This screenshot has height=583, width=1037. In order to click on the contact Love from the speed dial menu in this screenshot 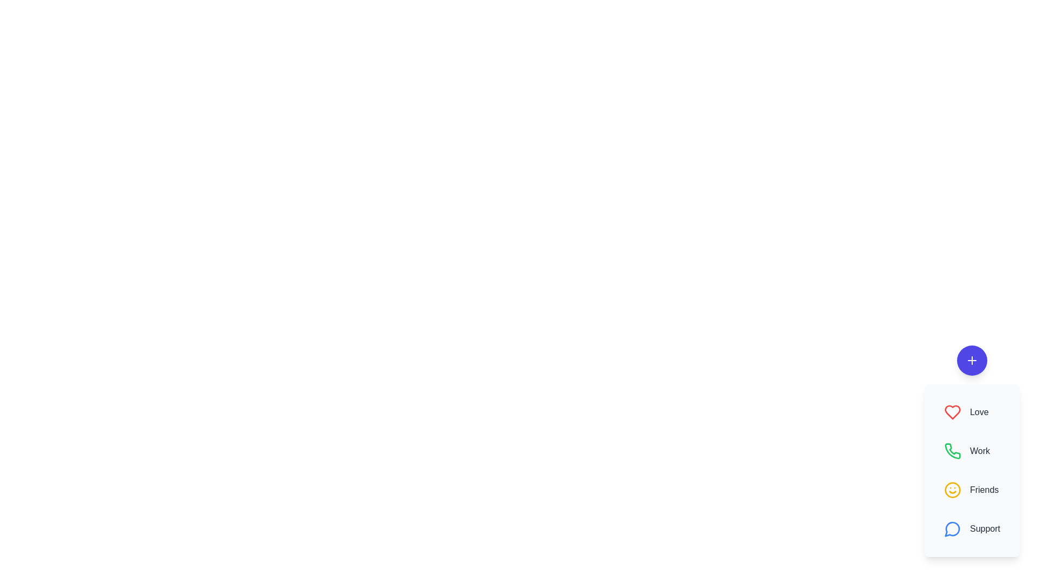, I will do `click(972, 412)`.